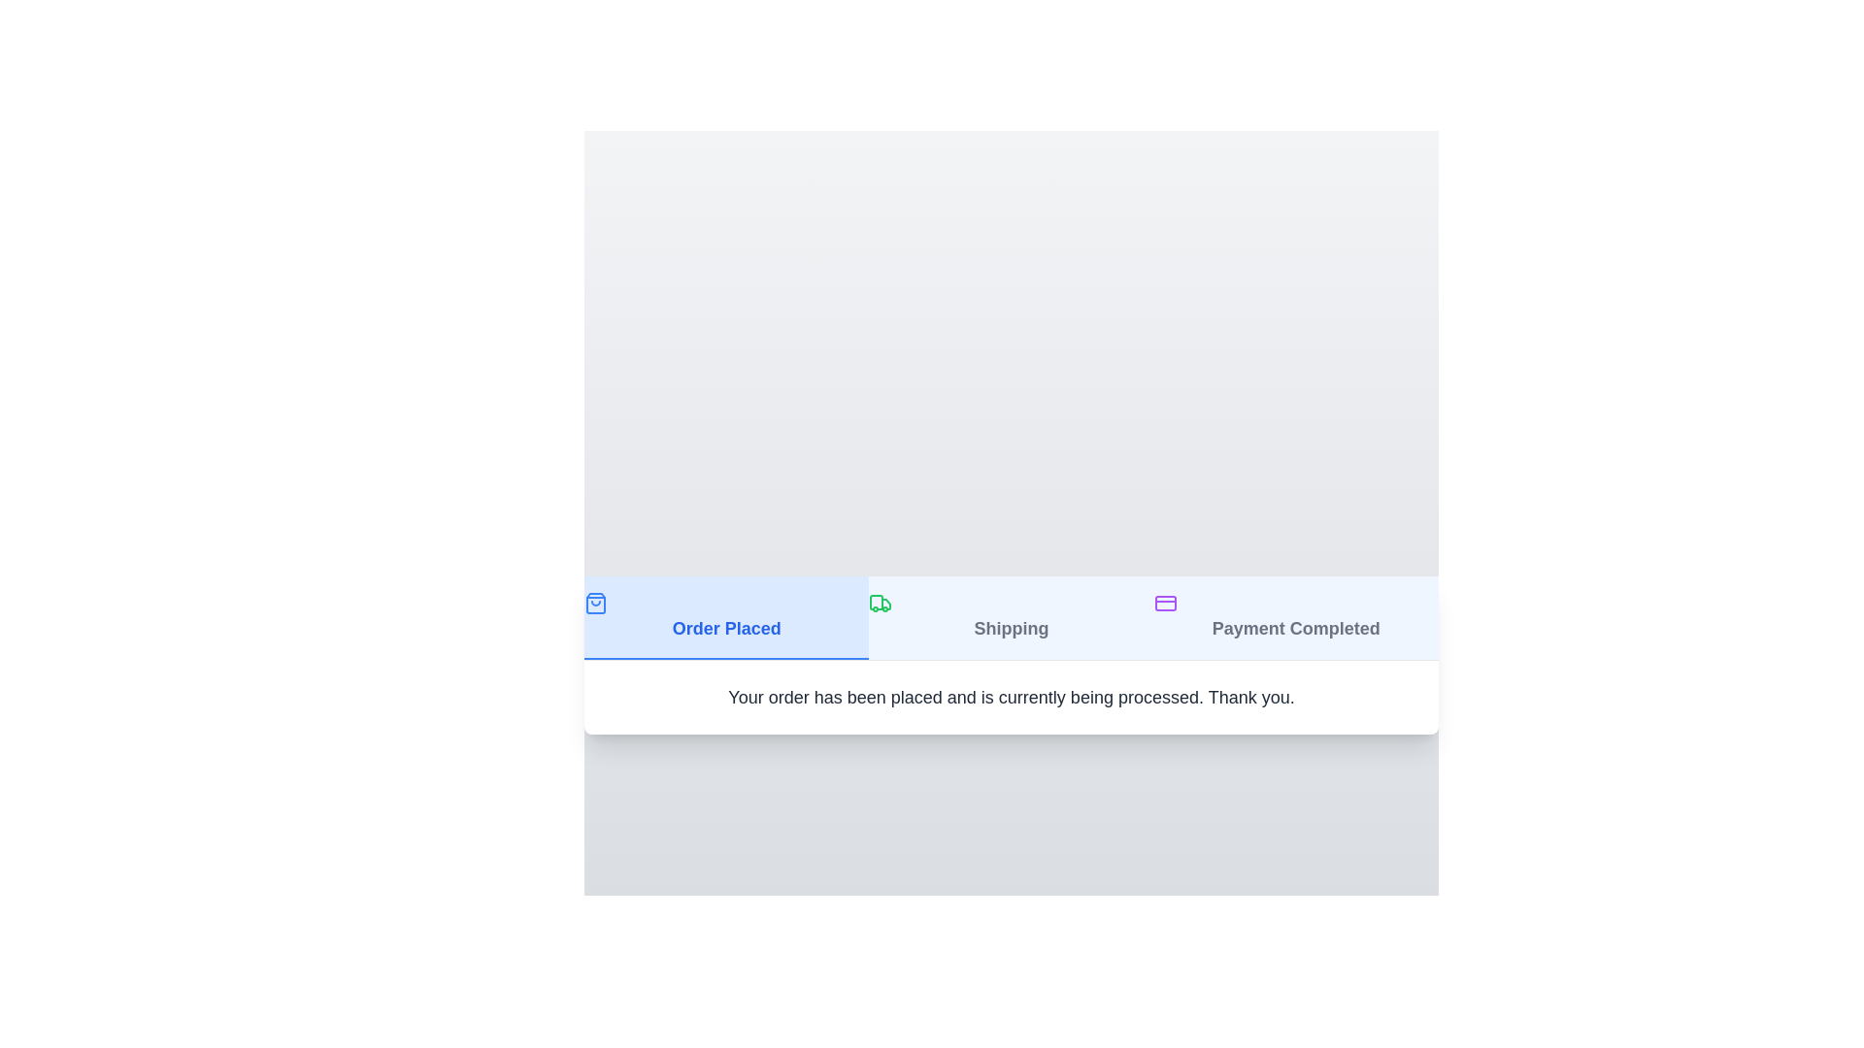  Describe the element at coordinates (880, 602) in the screenshot. I see `the graphical icon of the Shipping tab` at that location.